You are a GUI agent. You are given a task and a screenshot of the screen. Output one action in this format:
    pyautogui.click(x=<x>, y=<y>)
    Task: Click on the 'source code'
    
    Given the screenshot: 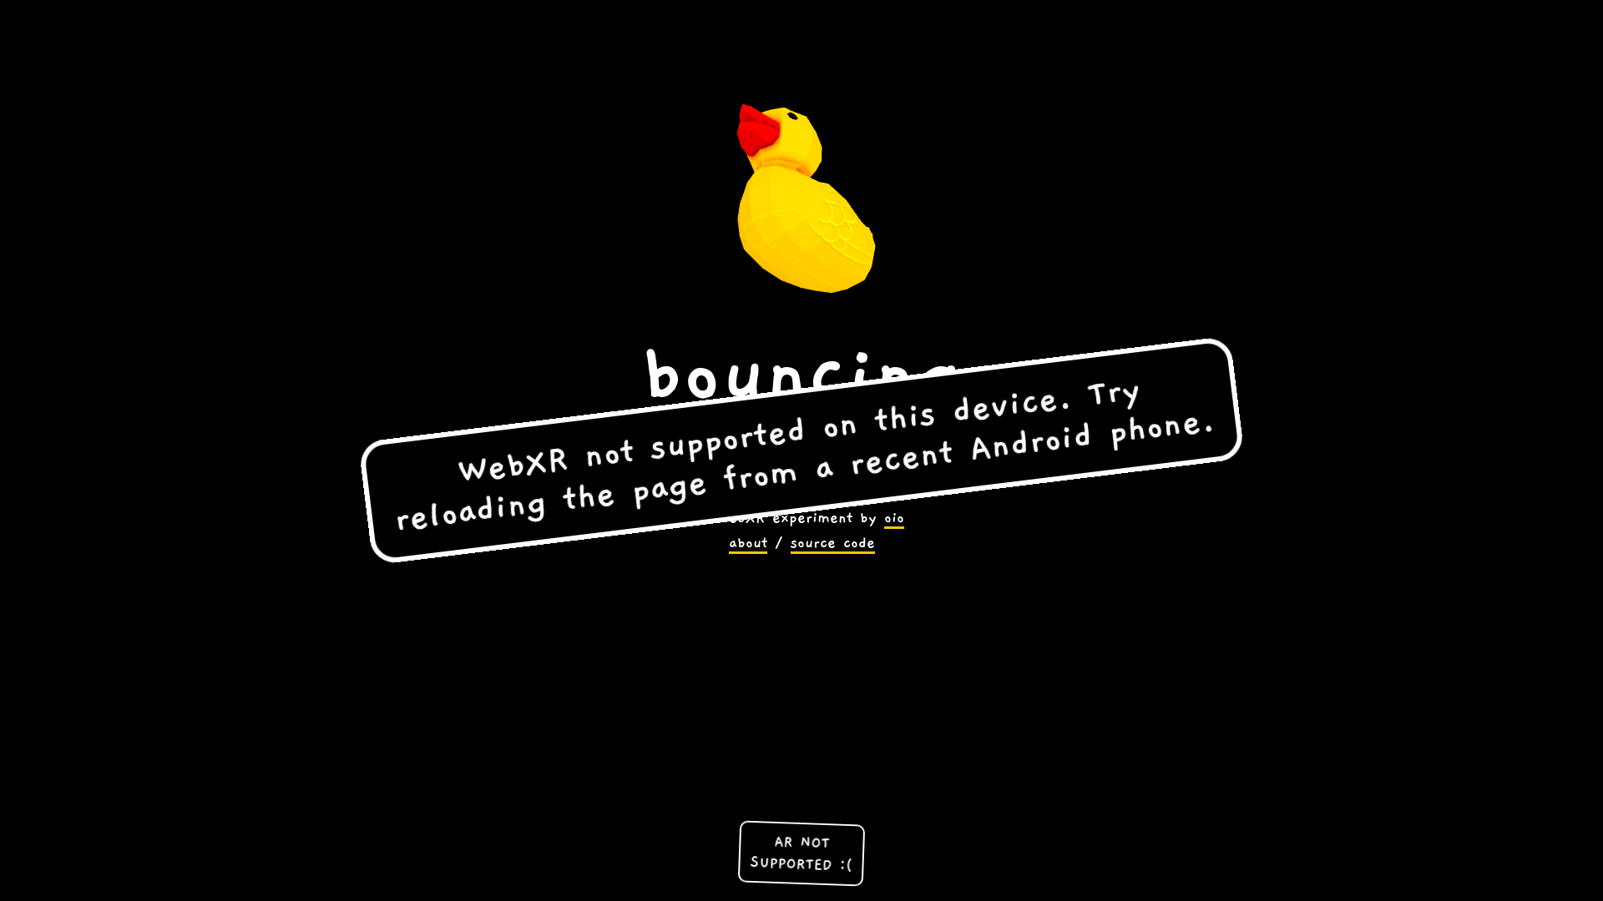 What is the action you would take?
    pyautogui.click(x=832, y=543)
    